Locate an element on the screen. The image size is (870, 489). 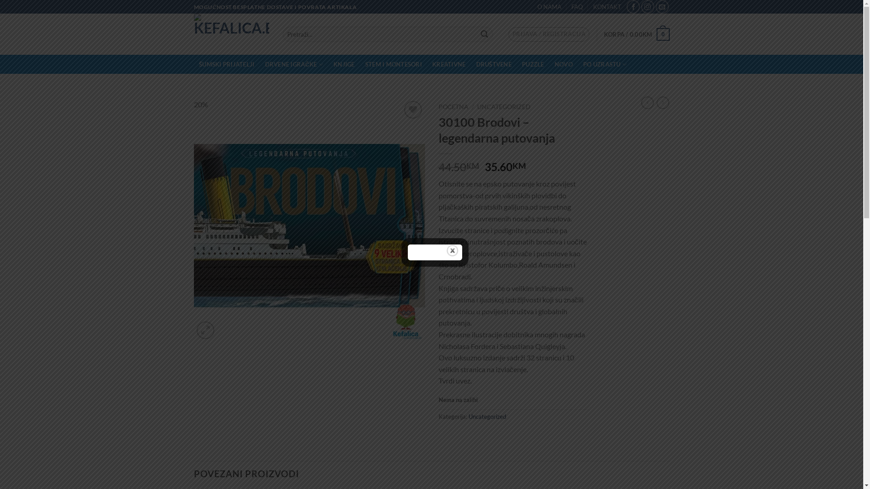
'KONTAKT' is located at coordinates (607, 7).